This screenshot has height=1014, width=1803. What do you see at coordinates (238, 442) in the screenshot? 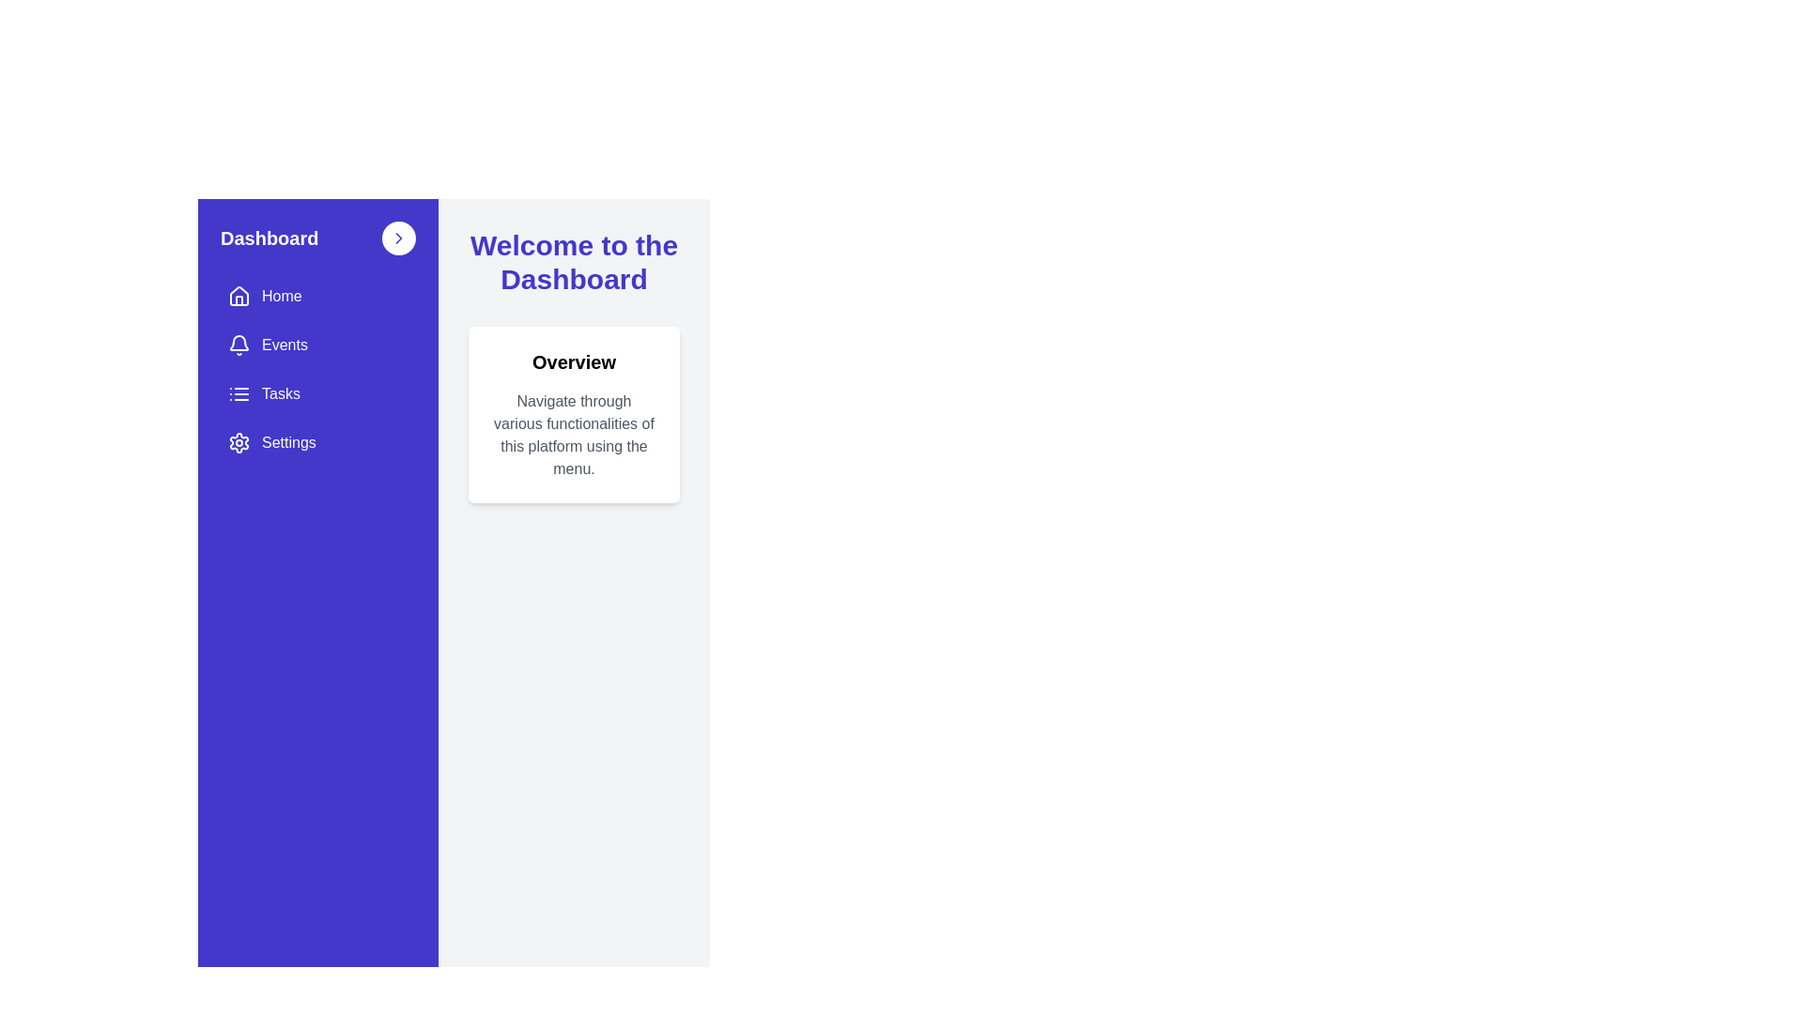
I see `the cogwheel-like graphical icon located in the sidebar menu under the 'Settings' menu item` at bounding box center [238, 442].